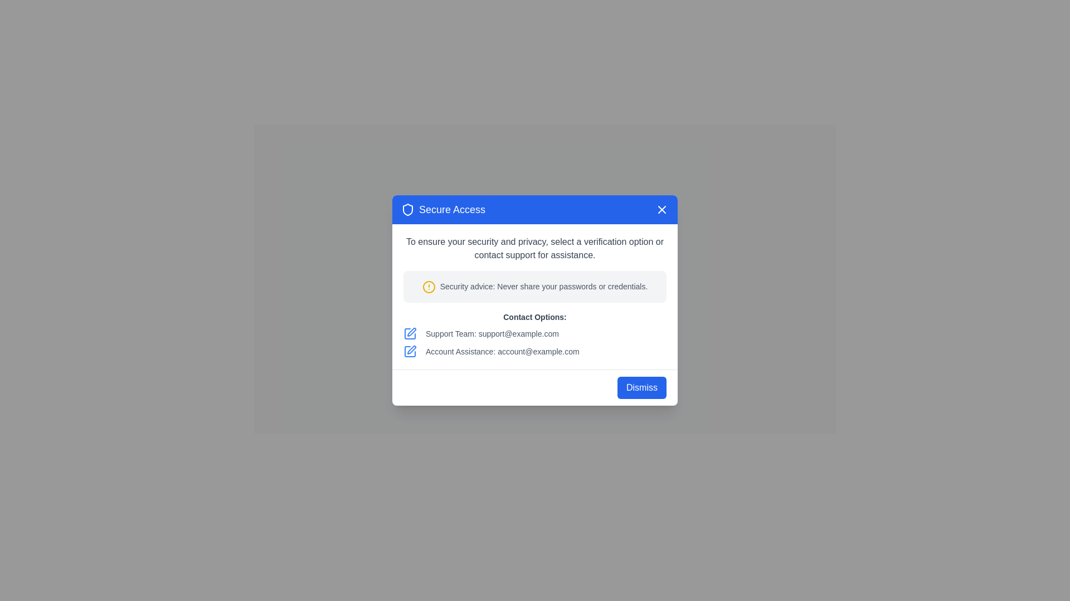 This screenshot has width=1070, height=601. I want to click on the pen-like icon with a blue square background, located on the left side of the text 'Support Team: support@example.com', to initiate an edit action, so click(409, 332).